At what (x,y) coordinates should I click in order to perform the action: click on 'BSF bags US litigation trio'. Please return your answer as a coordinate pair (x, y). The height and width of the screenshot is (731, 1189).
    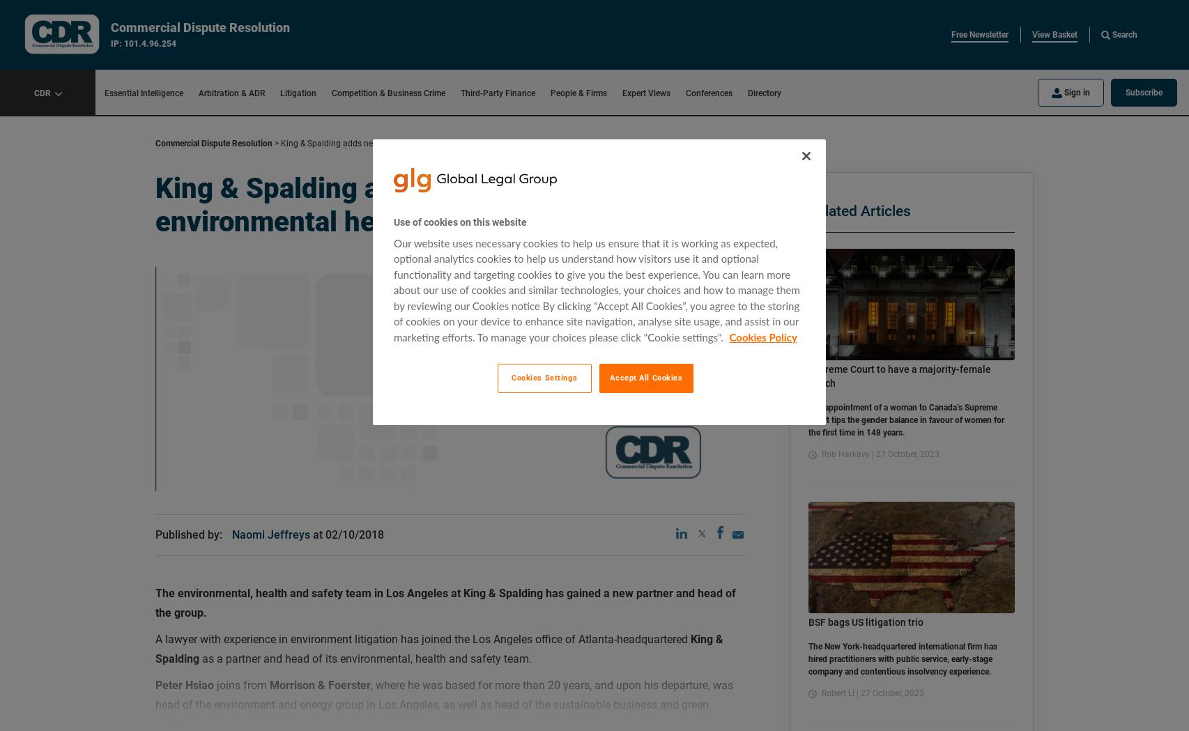
    Looking at the image, I should click on (866, 620).